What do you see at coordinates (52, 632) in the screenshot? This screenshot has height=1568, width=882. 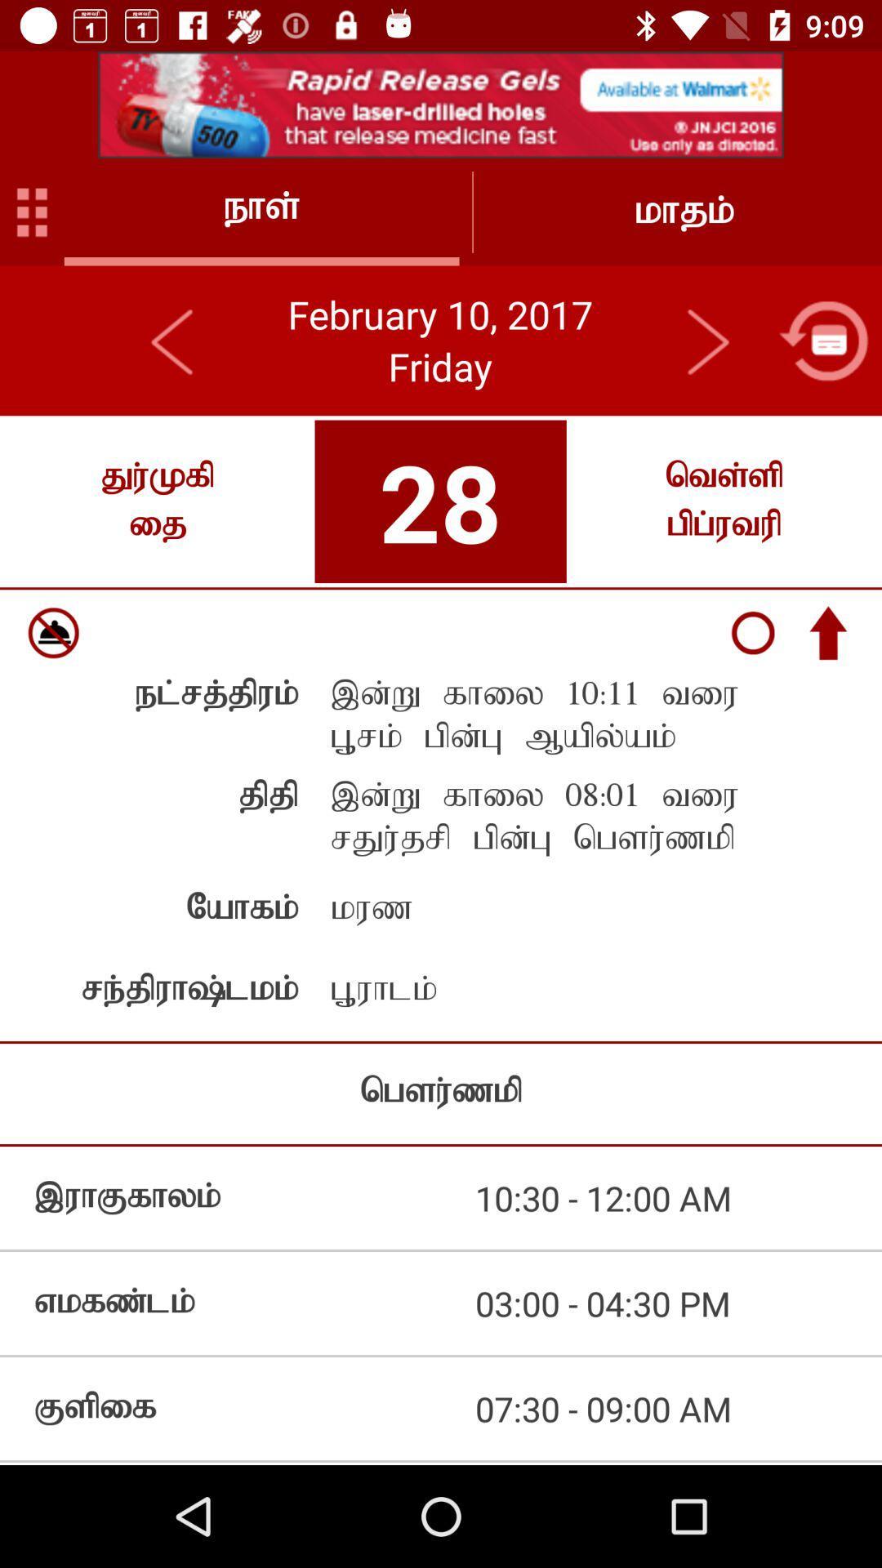 I see `the emoji icon` at bounding box center [52, 632].